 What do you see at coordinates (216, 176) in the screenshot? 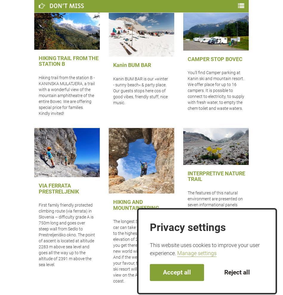
I see `'INTERPRETIVE NATURE TRAIL'` at bounding box center [216, 176].